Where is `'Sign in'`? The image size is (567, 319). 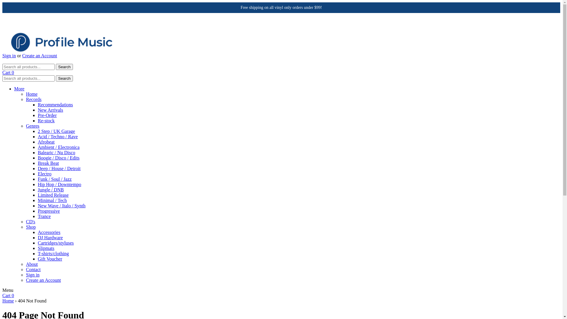 'Sign in' is located at coordinates (9, 56).